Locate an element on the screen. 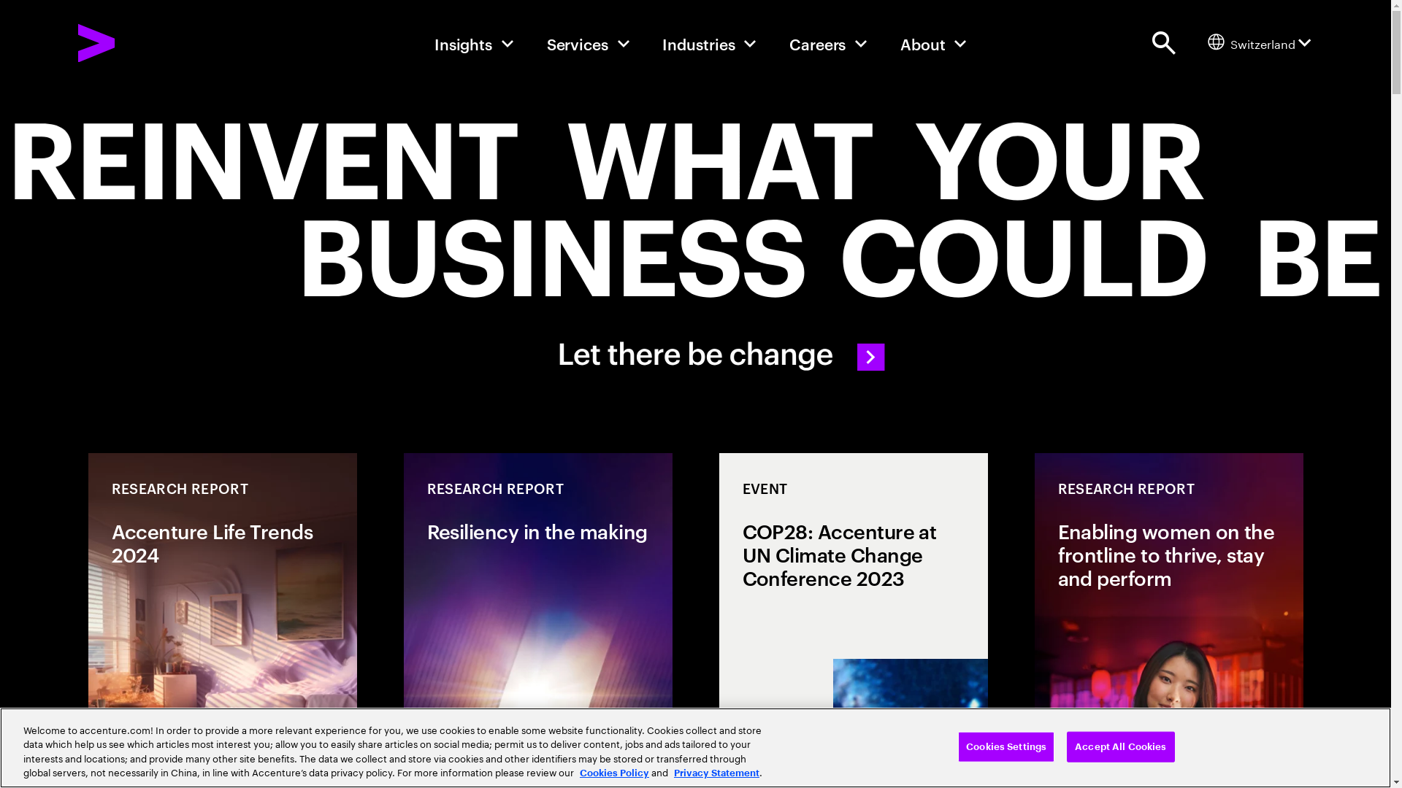 Image resolution: width=1402 pixels, height=788 pixels. 'Industries' is located at coordinates (662, 42).